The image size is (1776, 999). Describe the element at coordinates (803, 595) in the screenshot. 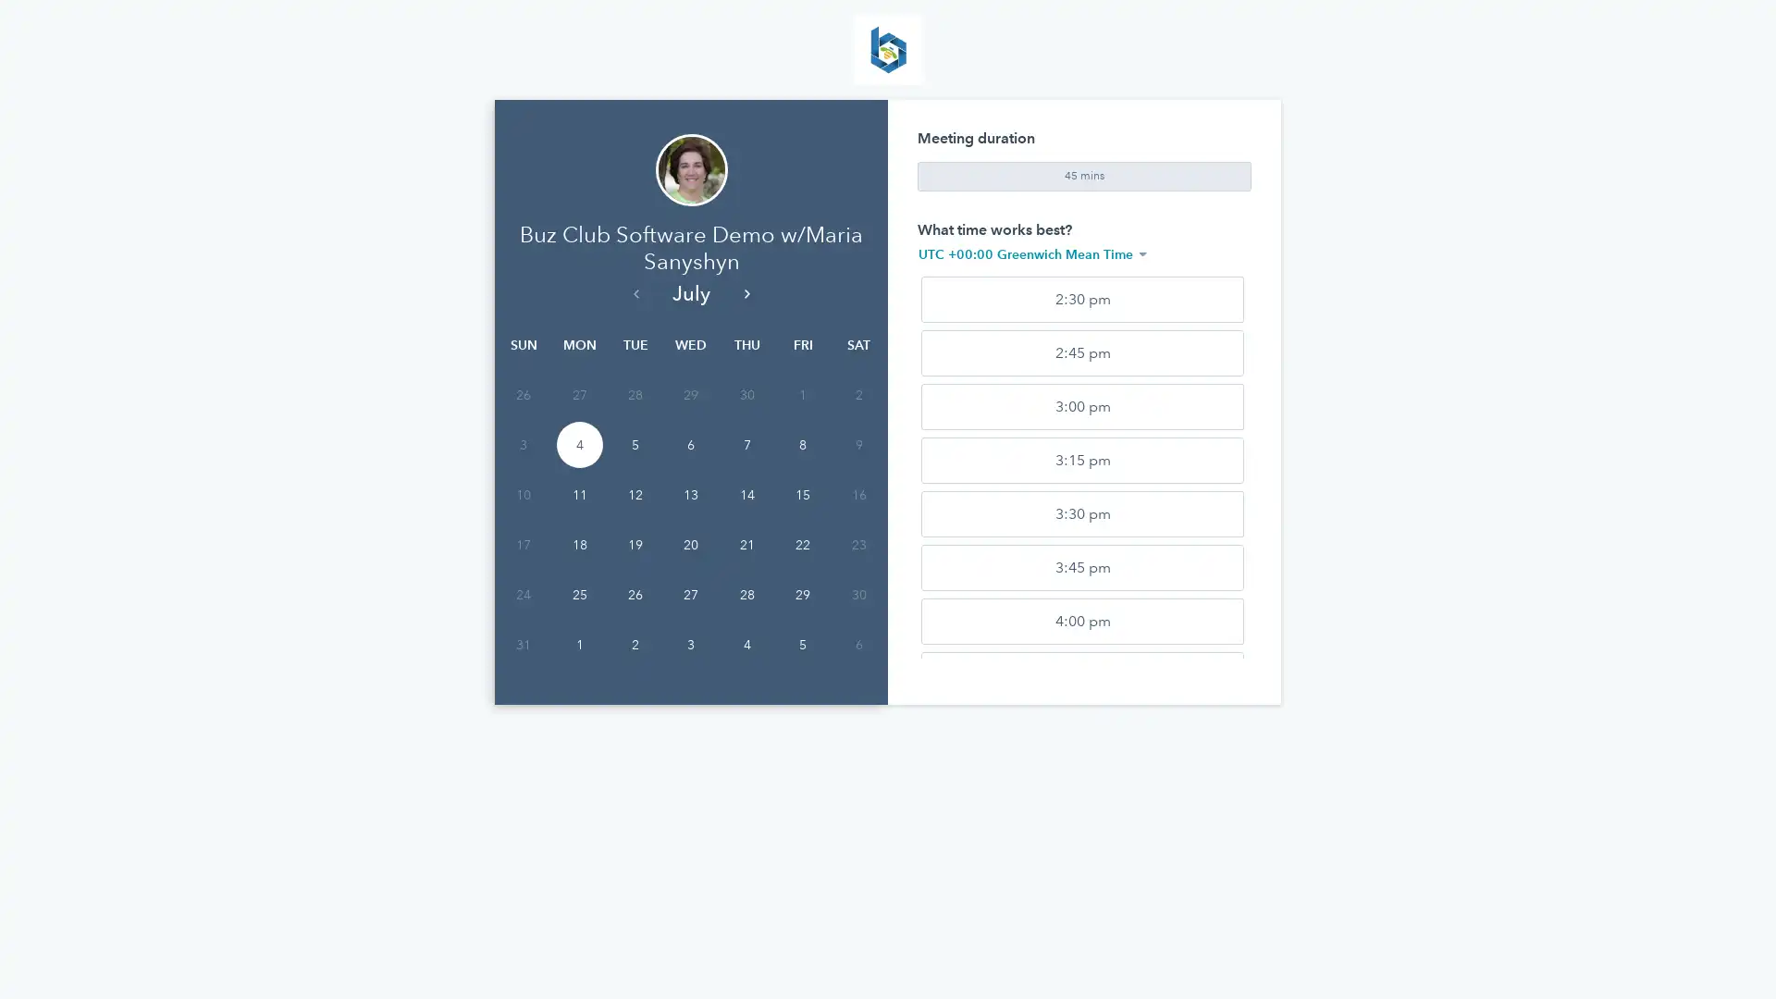

I see `July 29th` at that location.